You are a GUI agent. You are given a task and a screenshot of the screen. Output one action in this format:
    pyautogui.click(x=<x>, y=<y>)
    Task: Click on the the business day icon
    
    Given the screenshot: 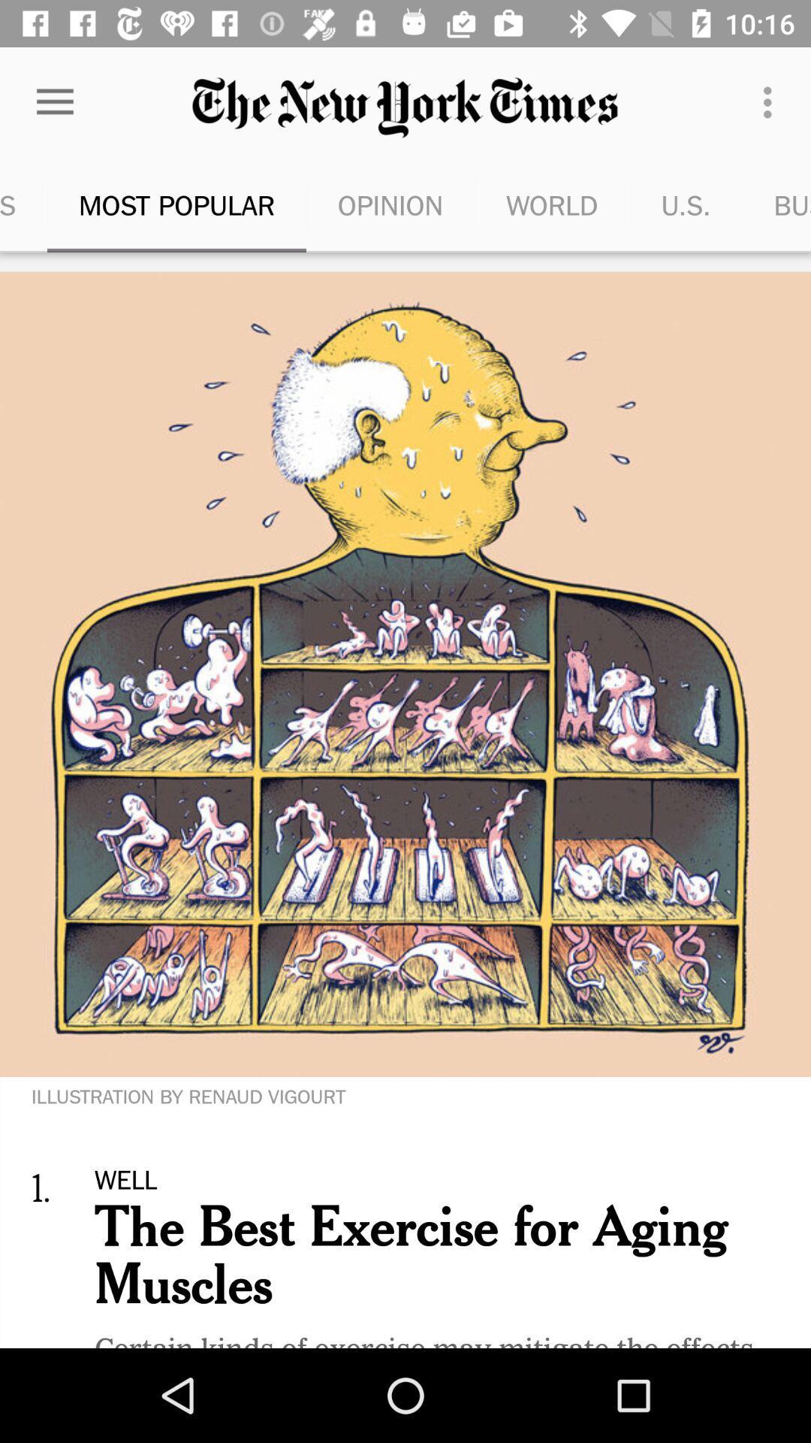 What is the action you would take?
    pyautogui.click(x=776, y=204)
    